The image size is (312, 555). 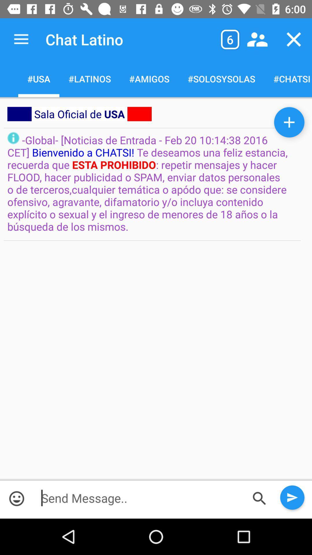 I want to click on 6 in the box, so click(x=230, y=39).